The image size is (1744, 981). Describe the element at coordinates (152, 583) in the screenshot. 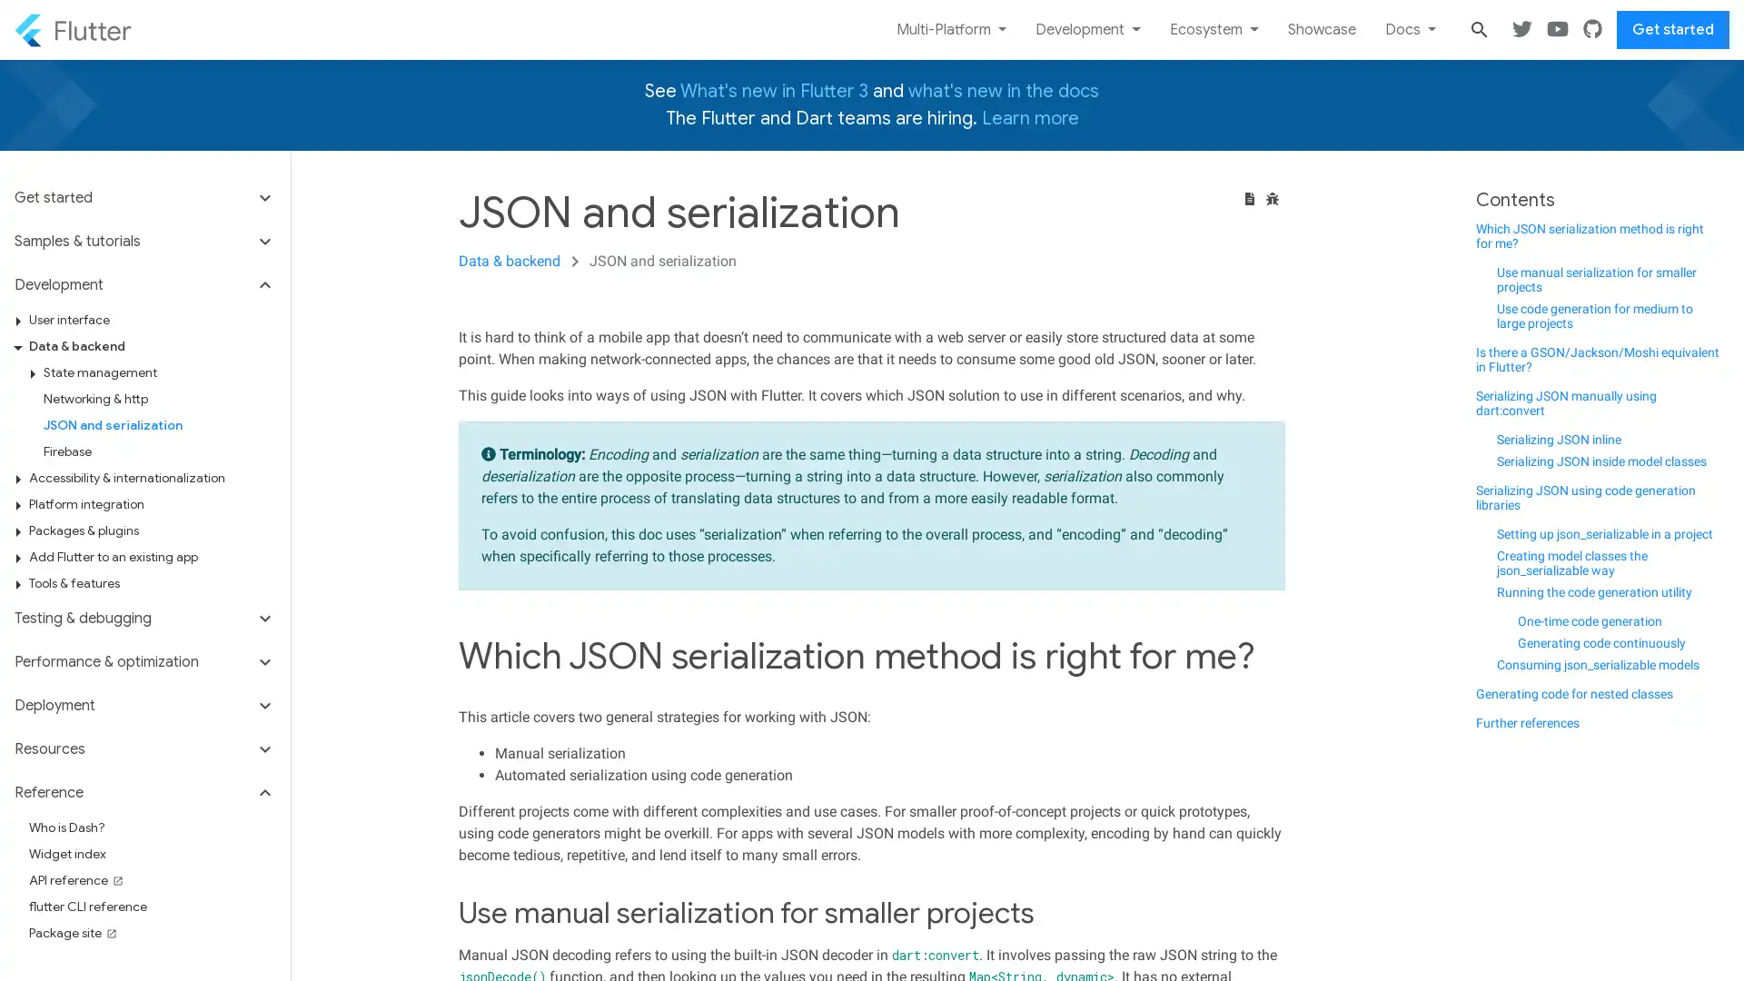

I see `arrow_drop_down Tools & features` at that location.